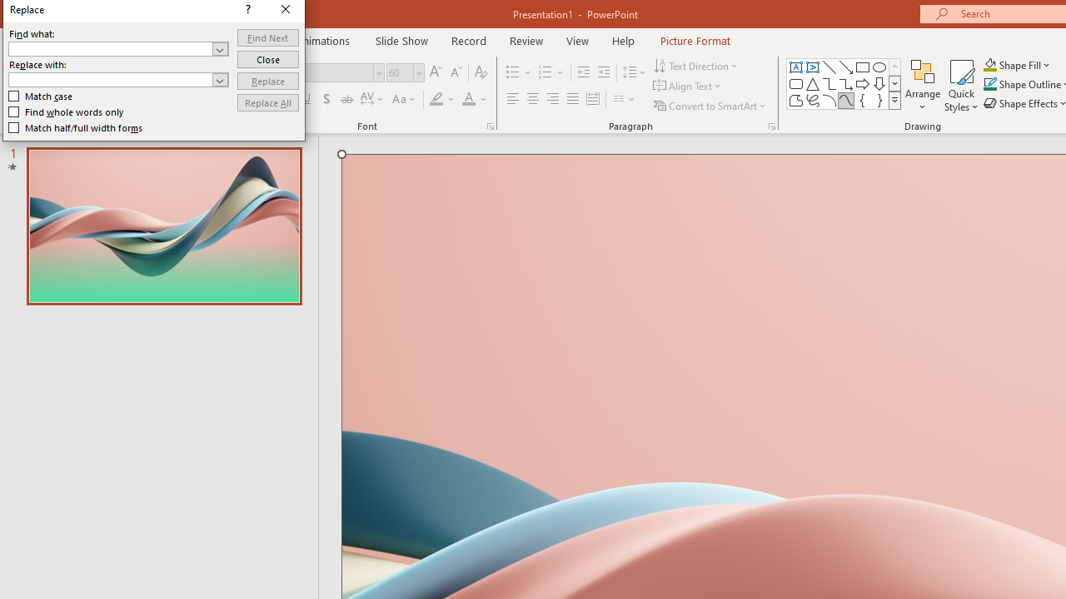  What do you see at coordinates (67, 112) in the screenshot?
I see `'Find whole words only'` at bounding box center [67, 112].